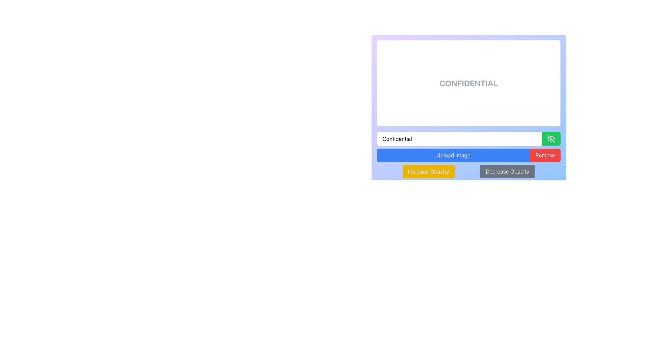 This screenshot has width=648, height=364. What do you see at coordinates (507, 171) in the screenshot?
I see `the rectangular button with rounded corners labeled 'Decrease Opacity' located at the rightmost position of a horizontal group of buttons` at bounding box center [507, 171].